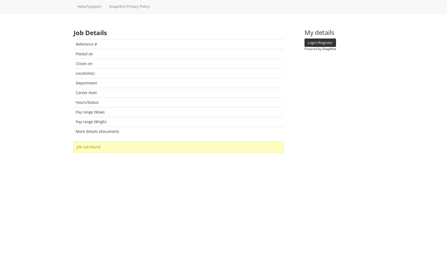 The image size is (447, 262). What do you see at coordinates (97, 131) in the screenshot?
I see `'More details (document)'` at bounding box center [97, 131].